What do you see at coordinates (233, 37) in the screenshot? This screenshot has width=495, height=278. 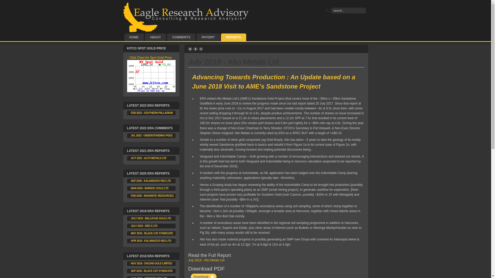 I see `'REPORTS'` at bounding box center [233, 37].